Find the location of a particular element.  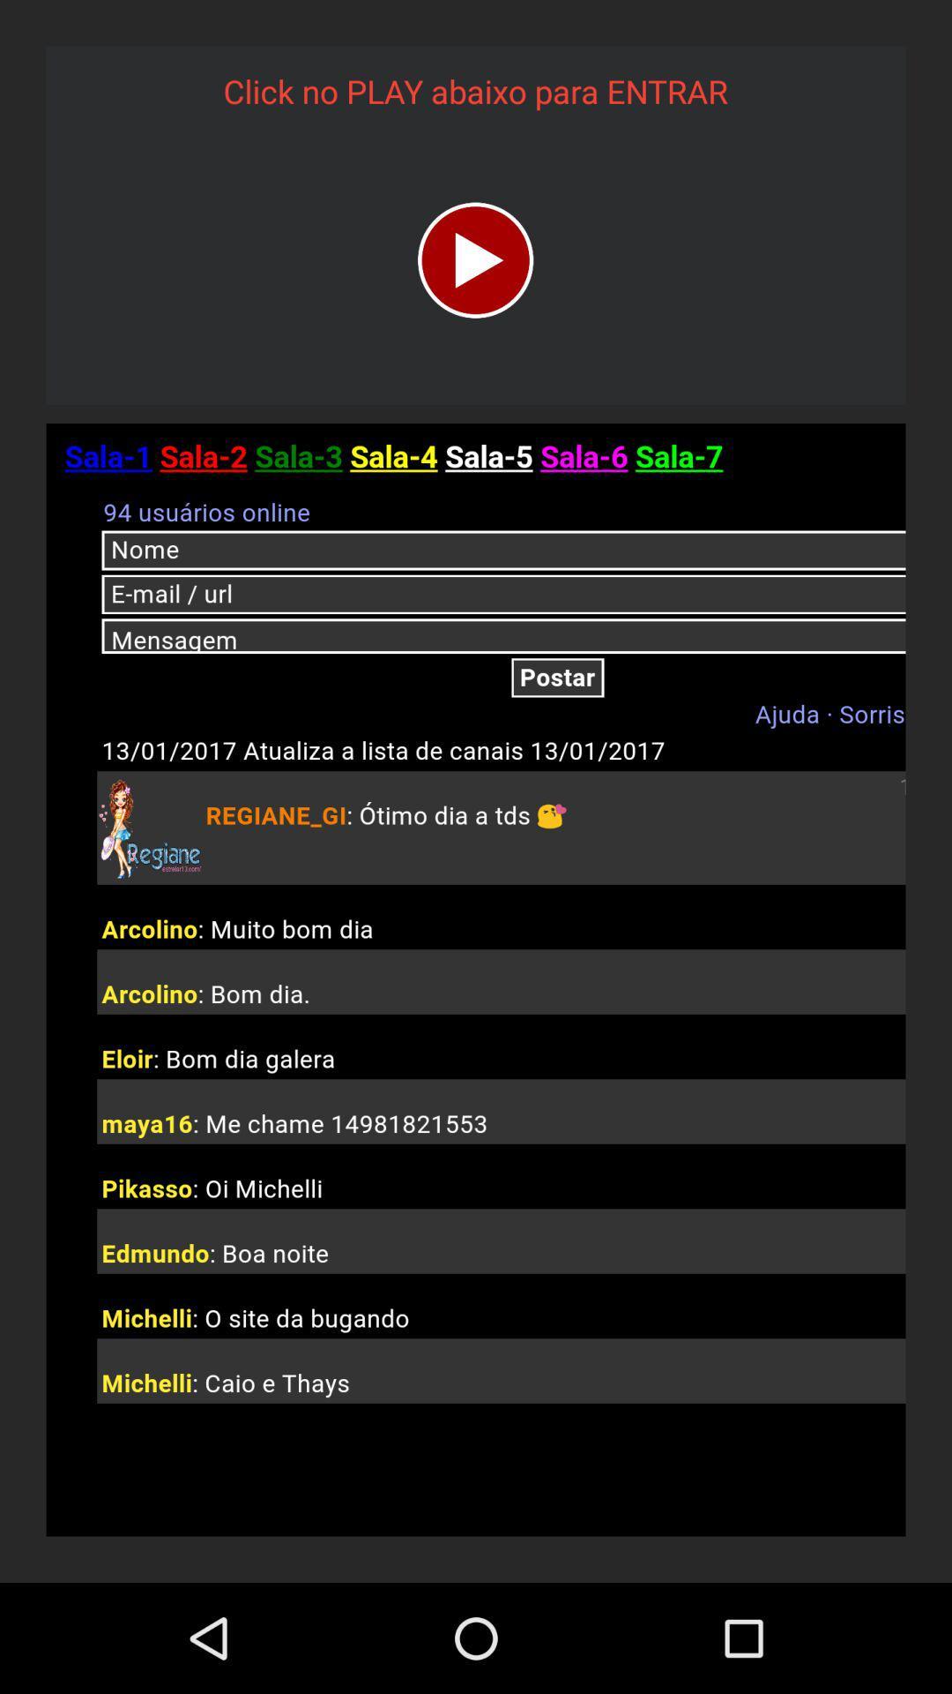

play is located at coordinates (474, 259).